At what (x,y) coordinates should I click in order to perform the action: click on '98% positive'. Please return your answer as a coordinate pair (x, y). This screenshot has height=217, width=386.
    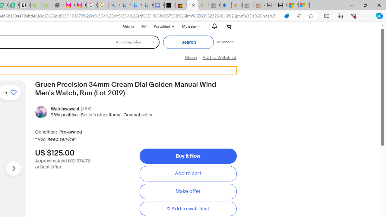
    Looking at the image, I should click on (64, 115).